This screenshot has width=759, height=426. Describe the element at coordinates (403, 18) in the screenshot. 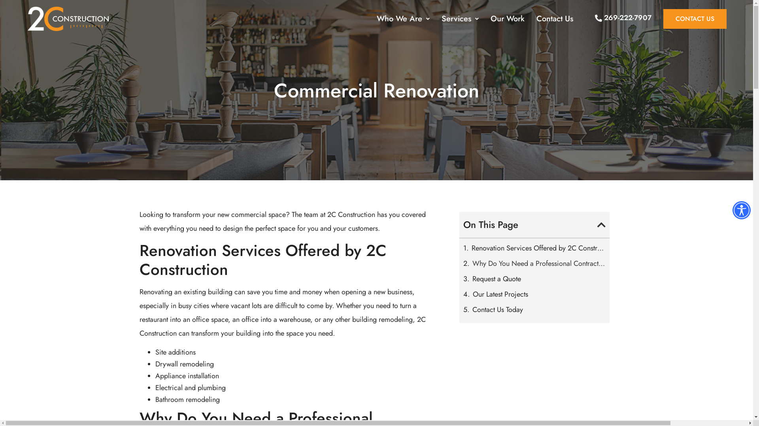

I see `'Who We Are'` at that location.